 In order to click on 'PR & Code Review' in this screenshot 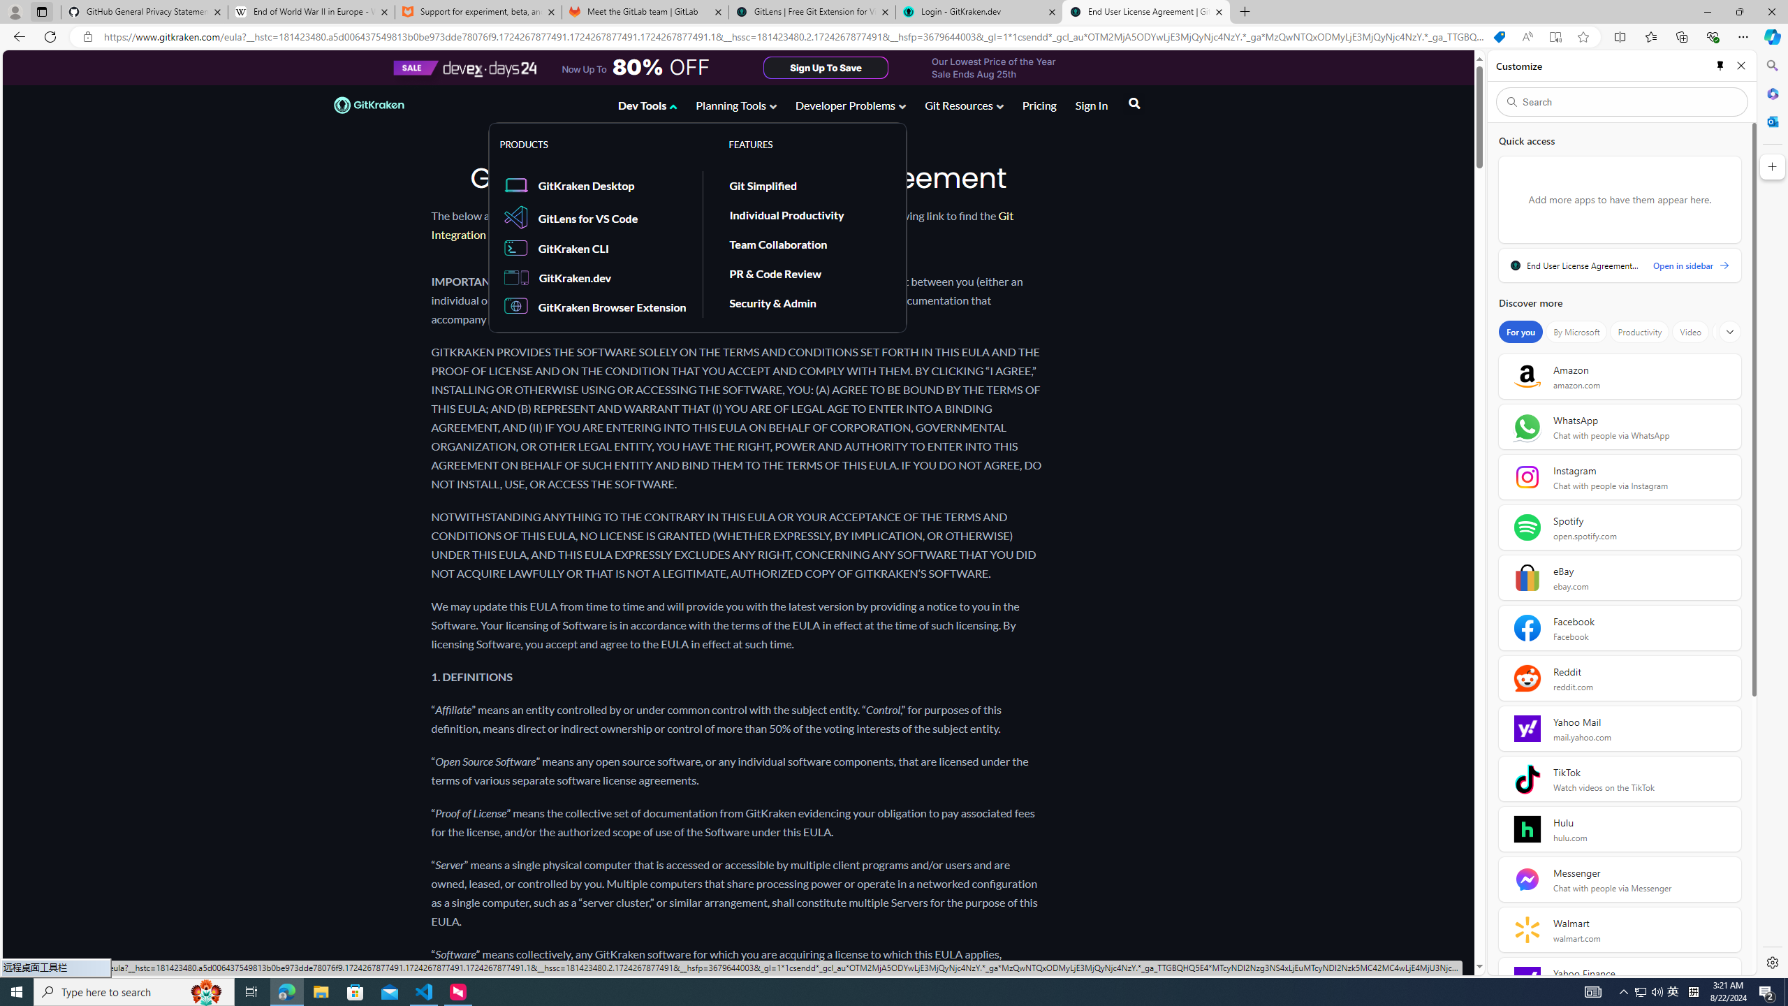, I will do `click(774, 272)`.